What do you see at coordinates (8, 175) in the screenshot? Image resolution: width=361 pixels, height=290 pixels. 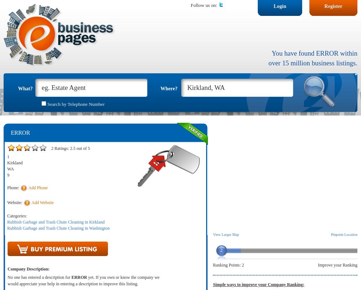 I see `'9'` at bounding box center [8, 175].